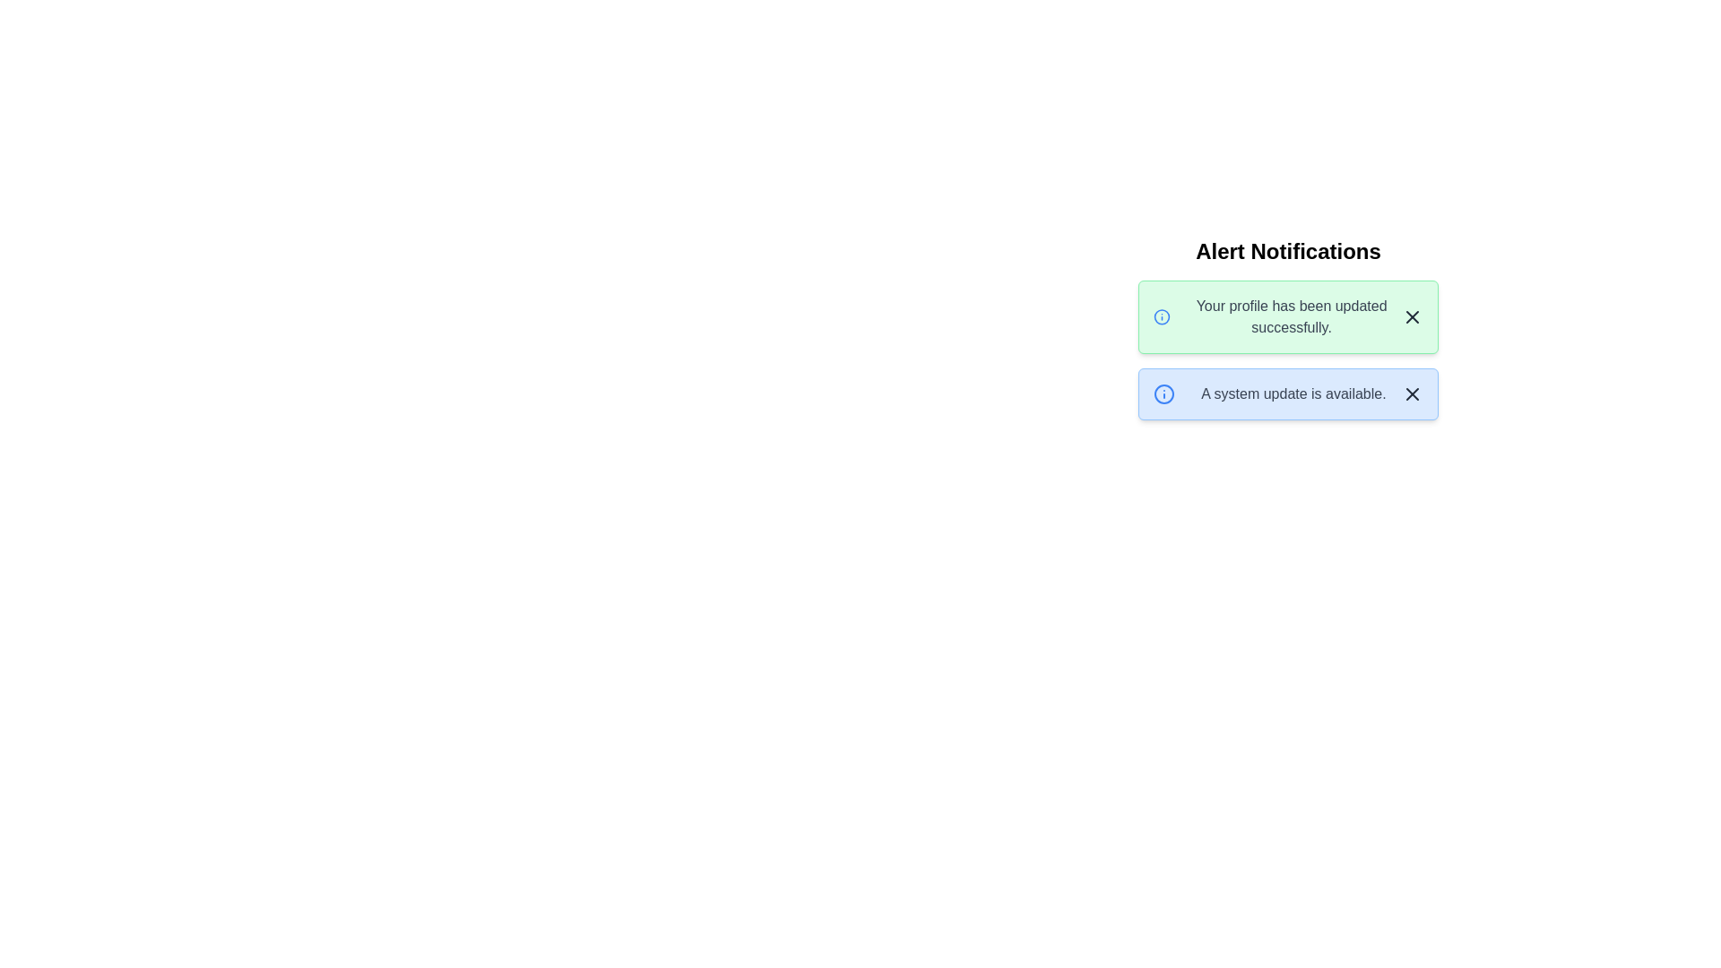 The width and height of the screenshot is (1721, 968). What do you see at coordinates (1411, 316) in the screenshot?
I see `the dismiss button located in the upper right corner of the notification box` at bounding box center [1411, 316].